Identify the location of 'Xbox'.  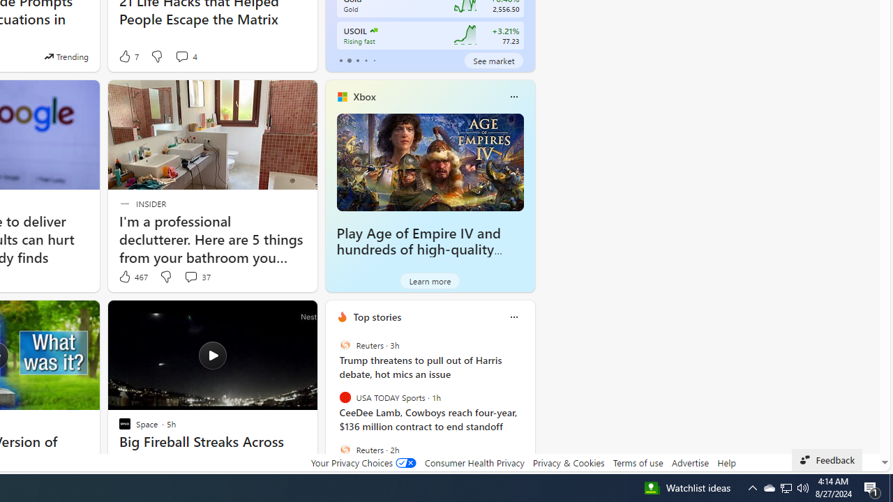
(364, 96).